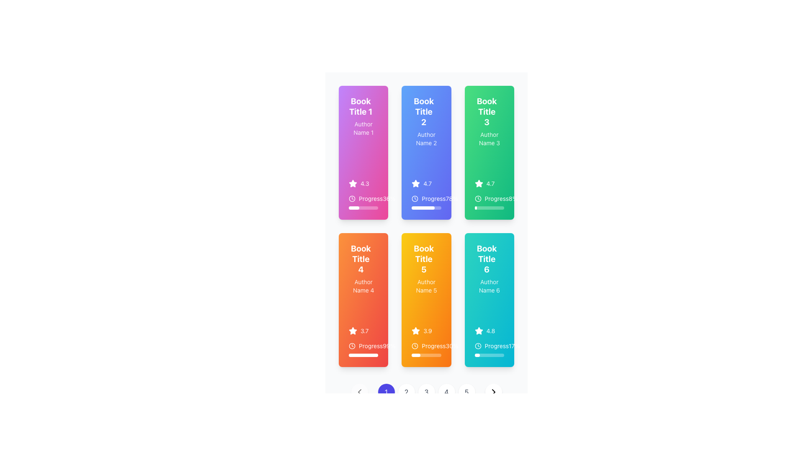 The height and width of the screenshot is (452, 804). I want to click on the text header displaying 'Book Title 5', which is styled as a prominent title within its card layout, so click(426, 260).